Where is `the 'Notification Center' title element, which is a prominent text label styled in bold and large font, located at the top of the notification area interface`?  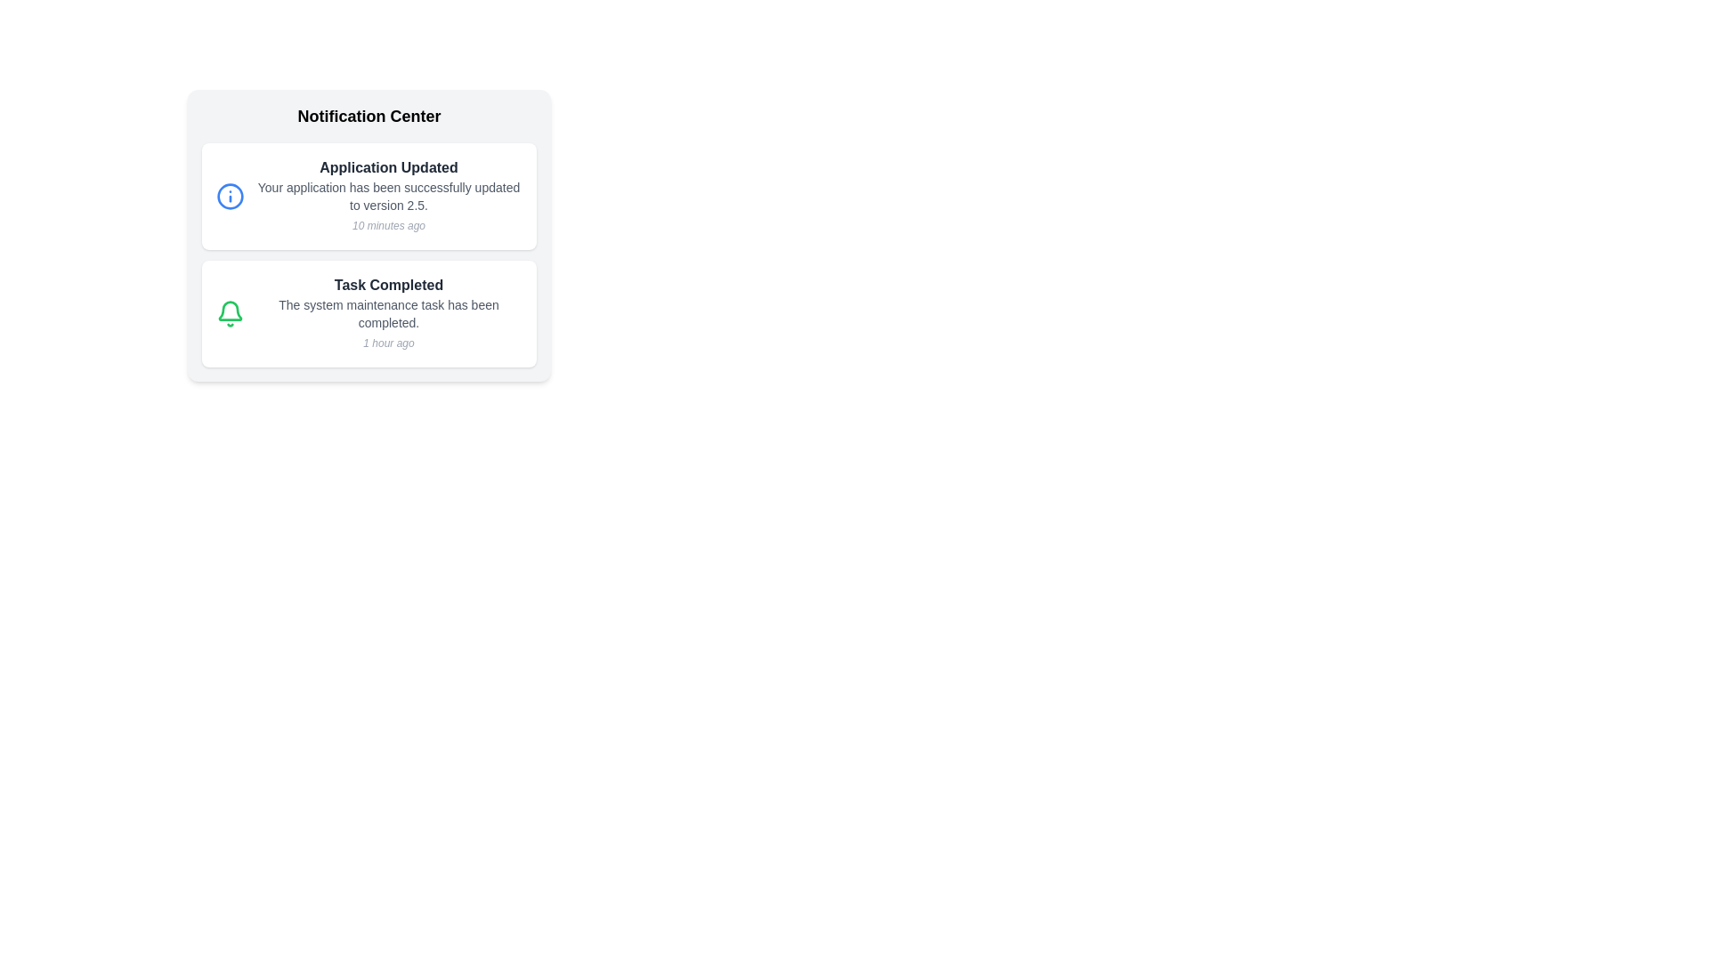 the 'Notification Center' title element, which is a prominent text label styled in bold and large font, located at the top of the notification area interface is located at coordinates (368, 117).